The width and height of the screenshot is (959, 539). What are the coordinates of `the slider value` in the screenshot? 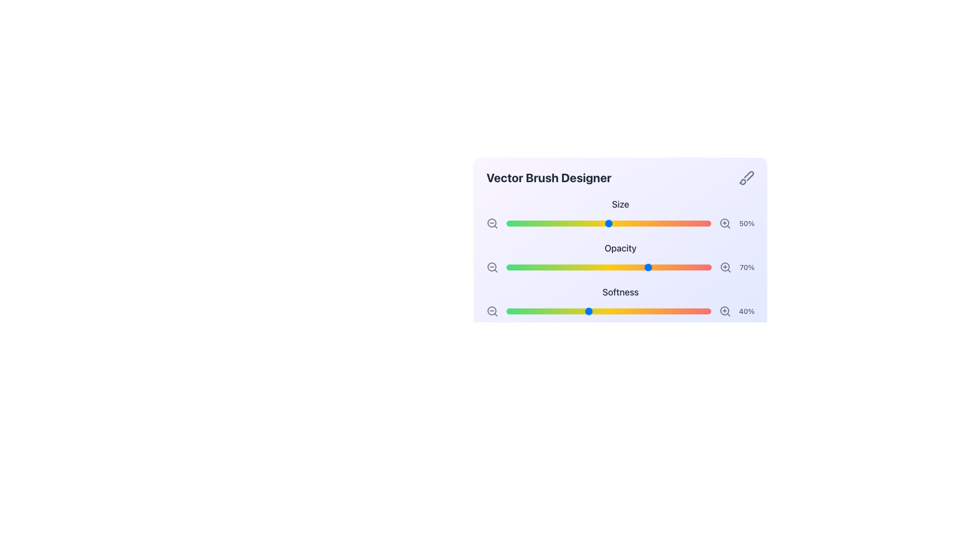 It's located at (612, 223).